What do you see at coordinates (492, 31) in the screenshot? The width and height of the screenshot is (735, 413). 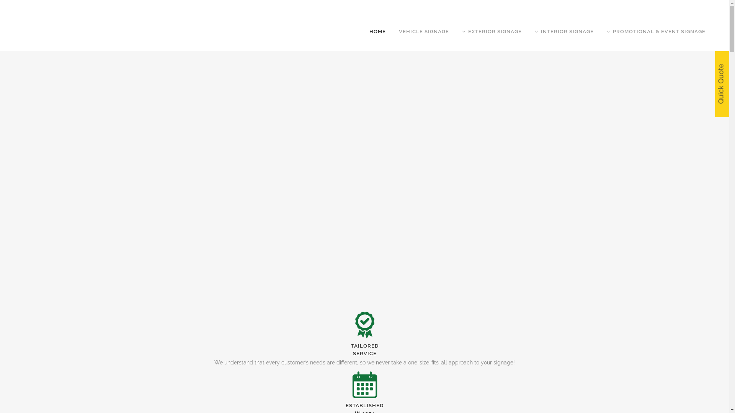 I see `'EXTERIOR SIGNAGE'` at bounding box center [492, 31].